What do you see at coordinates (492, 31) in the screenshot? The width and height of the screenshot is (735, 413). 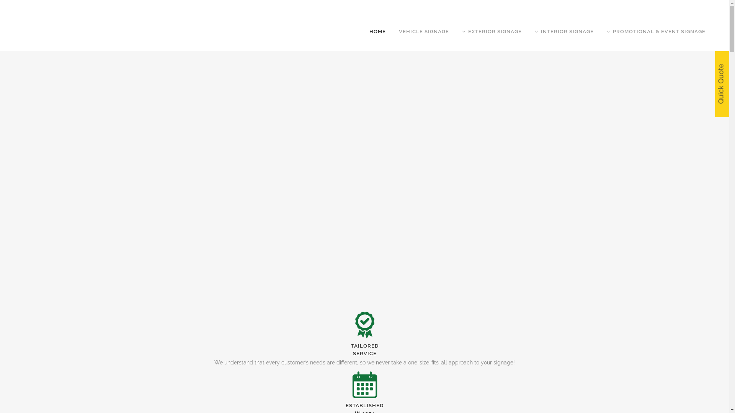 I see `'EXTERIOR SIGNAGE'` at bounding box center [492, 31].